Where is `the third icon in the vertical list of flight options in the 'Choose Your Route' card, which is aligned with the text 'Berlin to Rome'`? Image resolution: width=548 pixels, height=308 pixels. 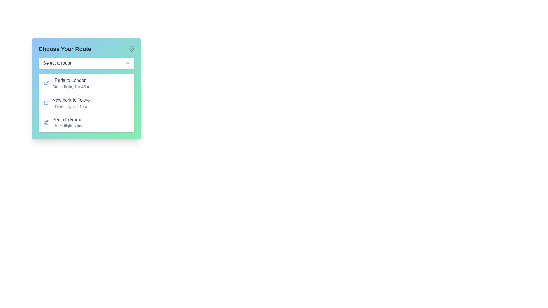 the third icon in the vertical list of flight options in the 'Choose Your Route' card, which is aligned with the text 'Berlin to Rome' is located at coordinates (46, 122).